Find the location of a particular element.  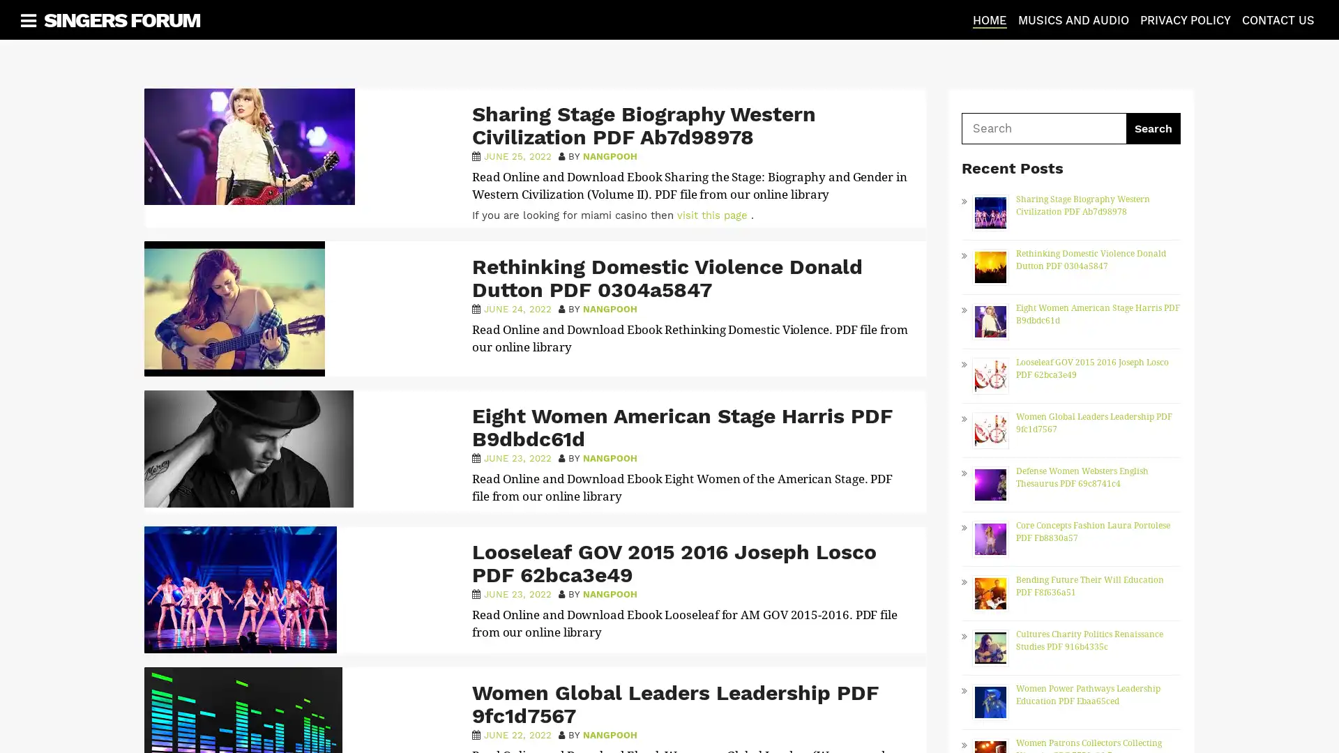

Search is located at coordinates (1153, 128).